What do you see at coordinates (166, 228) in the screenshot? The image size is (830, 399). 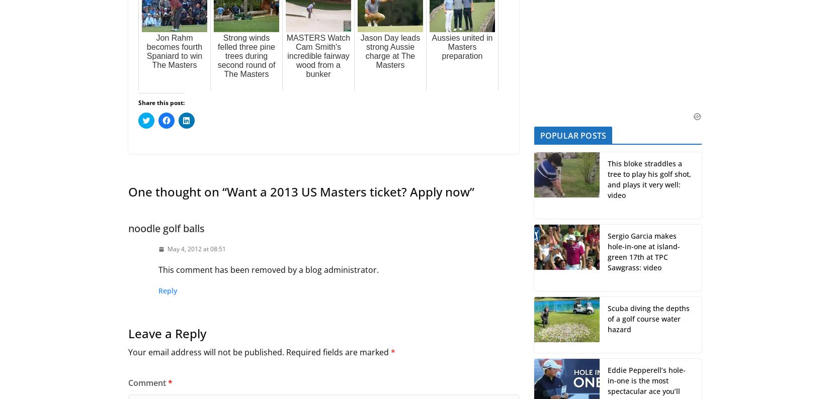 I see `'noodle golf balls'` at bounding box center [166, 228].